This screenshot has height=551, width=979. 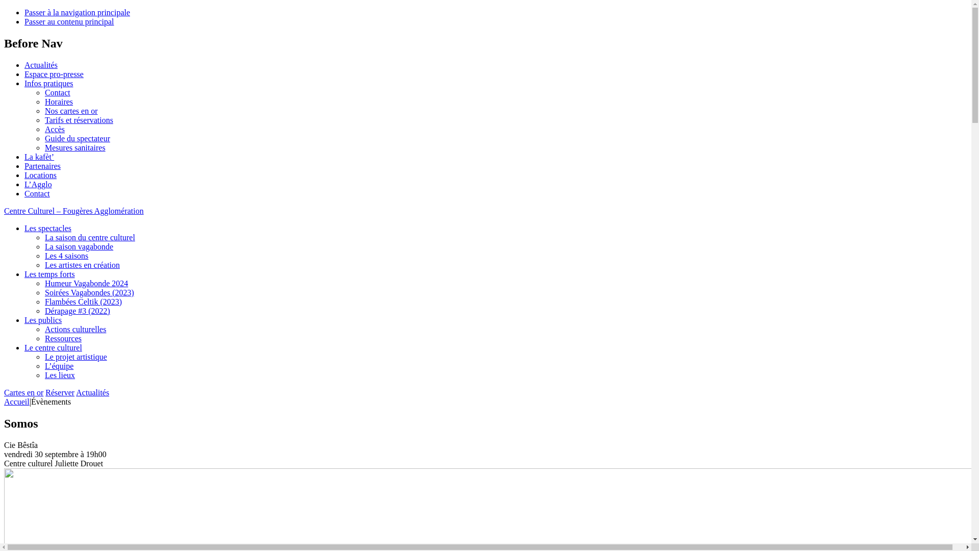 I want to click on 'Les 4 saisons', so click(x=66, y=255).